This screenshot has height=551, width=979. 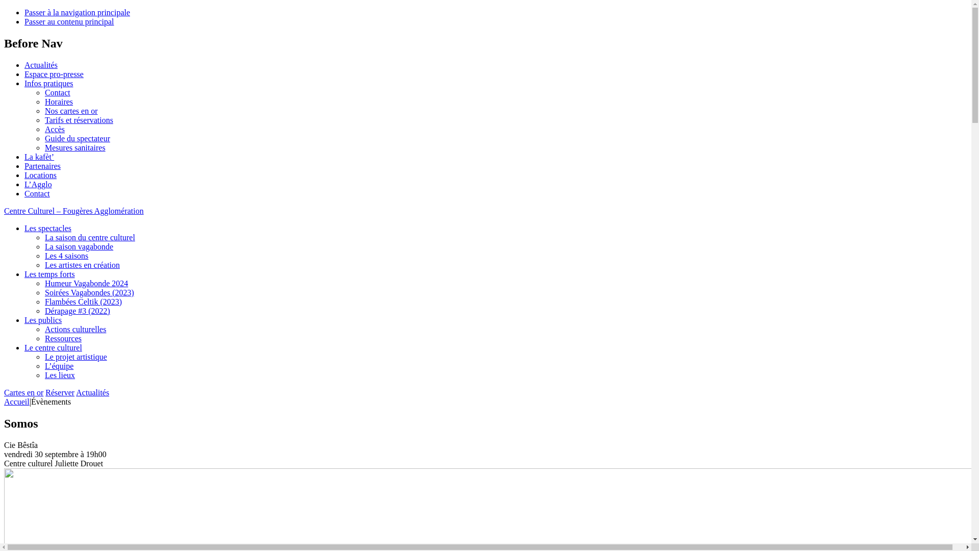 I want to click on 'Les 4 saisons', so click(x=66, y=255).